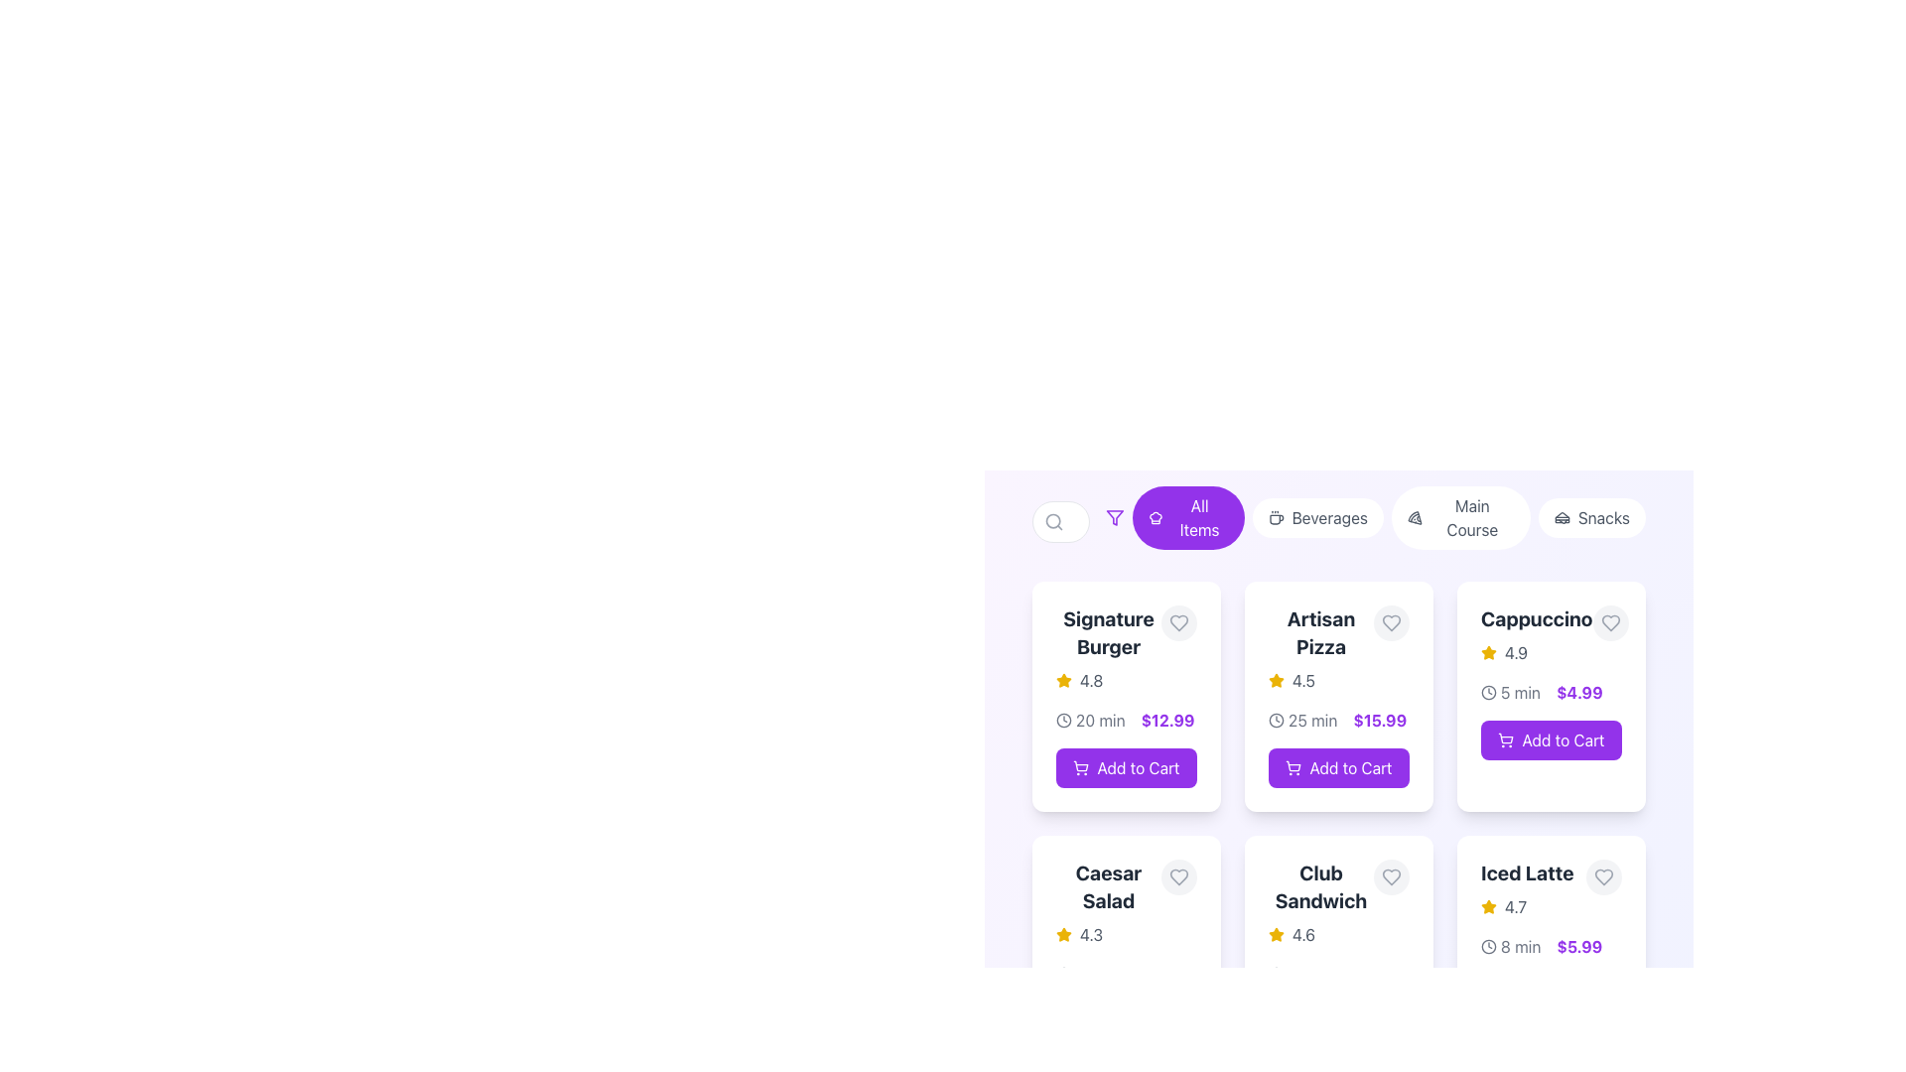  Describe the element at coordinates (1506, 738) in the screenshot. I see `the shopping cart icon located in the 'Add to Cart' button on the card titled 'Cappuccino'` at that location.